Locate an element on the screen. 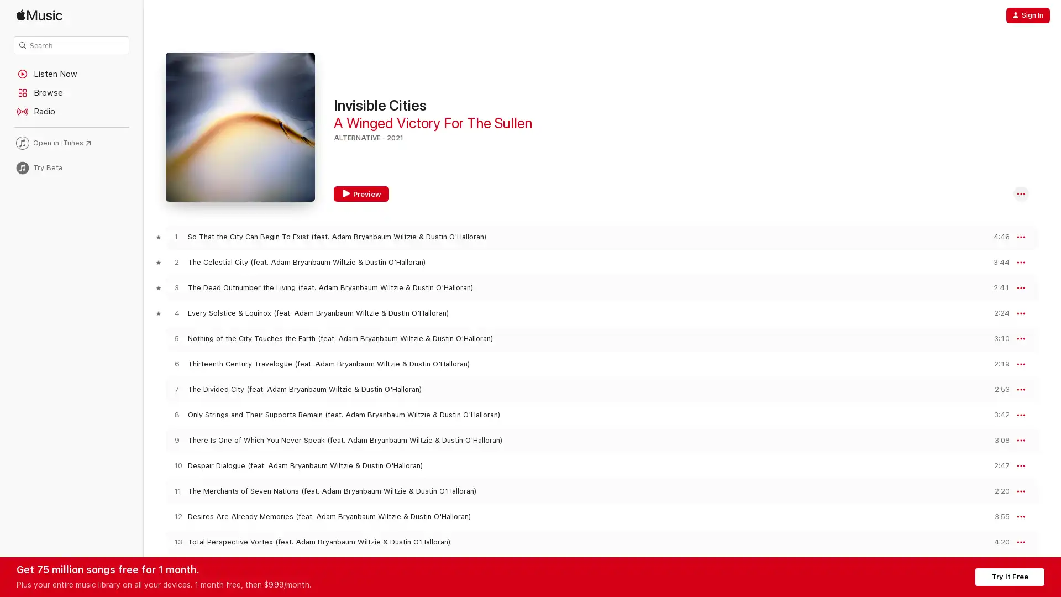 The height and width of the screenshot is (597, 1061). More is located at coordinates (1021, 415).